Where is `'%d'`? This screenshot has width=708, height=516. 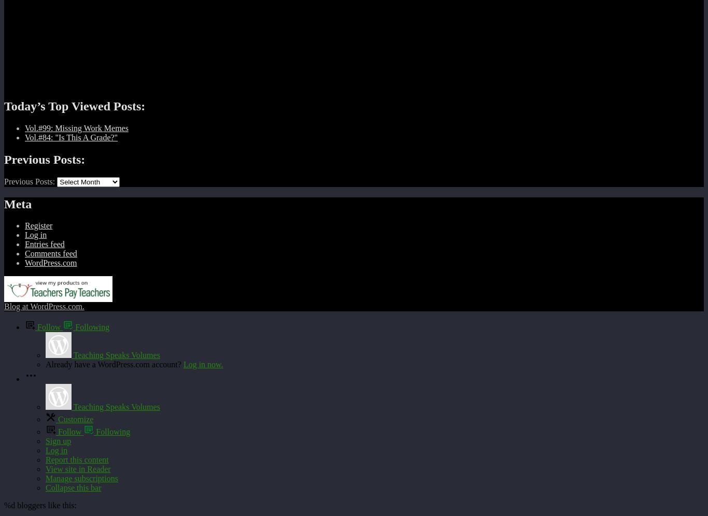
'%d' is located at coordinates (9, 505).